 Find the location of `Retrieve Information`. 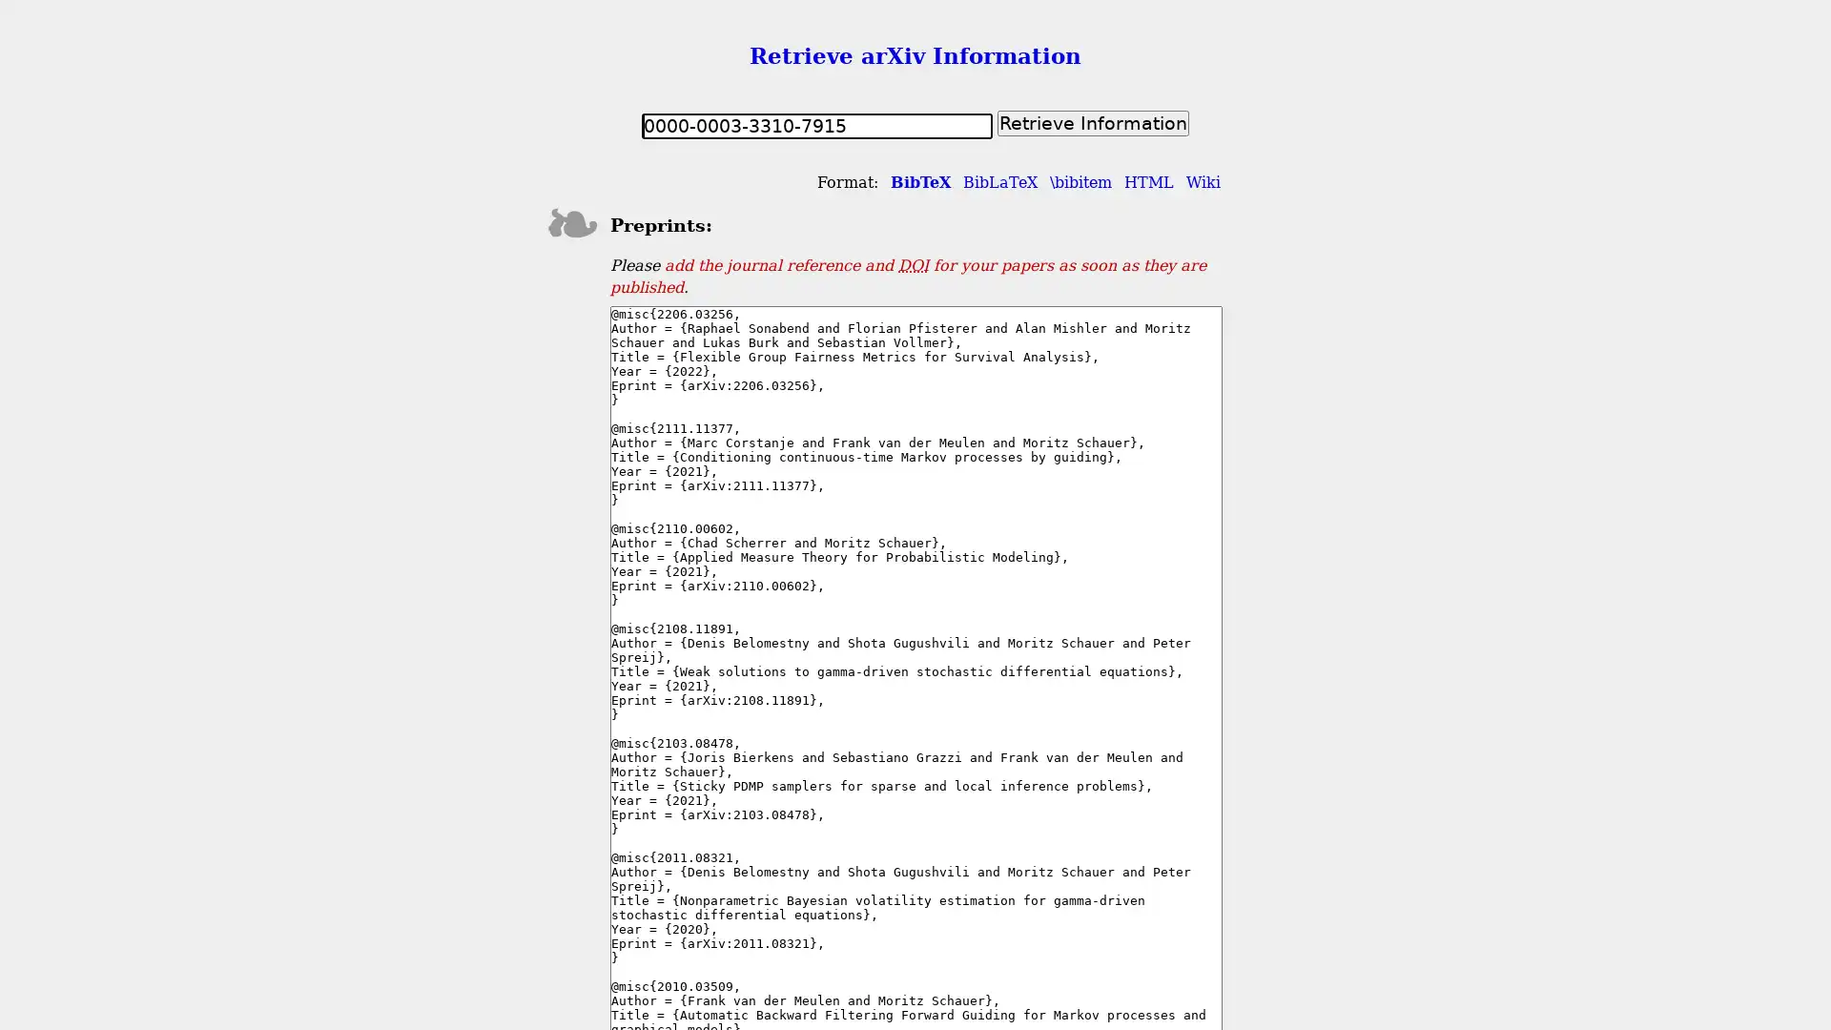

Retrieve Information is located at coordinates (1093, 122).